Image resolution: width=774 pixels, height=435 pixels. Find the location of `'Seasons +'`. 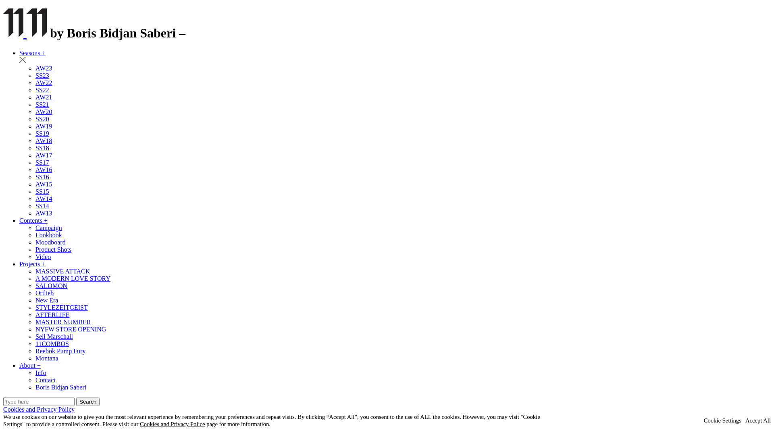

'Seasons +' is located at coordinates (32, 53).